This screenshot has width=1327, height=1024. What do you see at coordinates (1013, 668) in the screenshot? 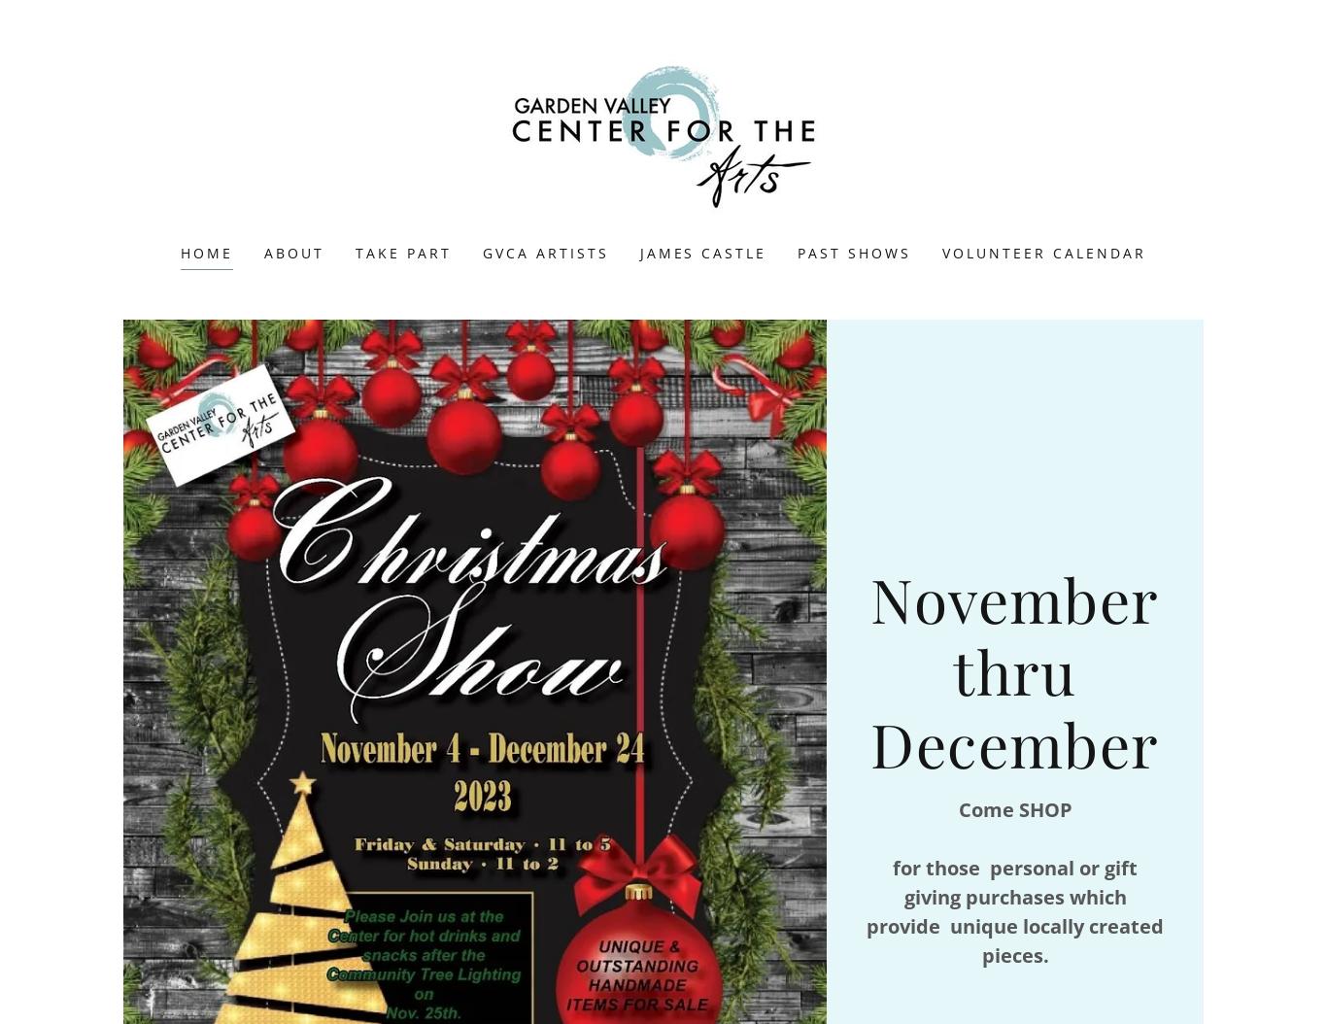
I see `'November thru 
December'` at bounding box center [1013, 668].